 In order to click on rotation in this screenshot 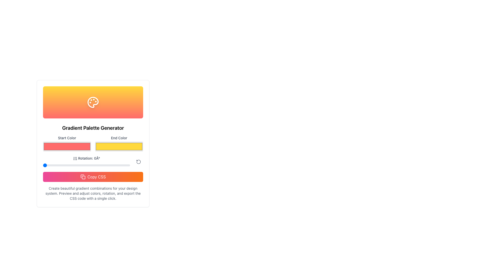, I will do `click(50, 165)`.